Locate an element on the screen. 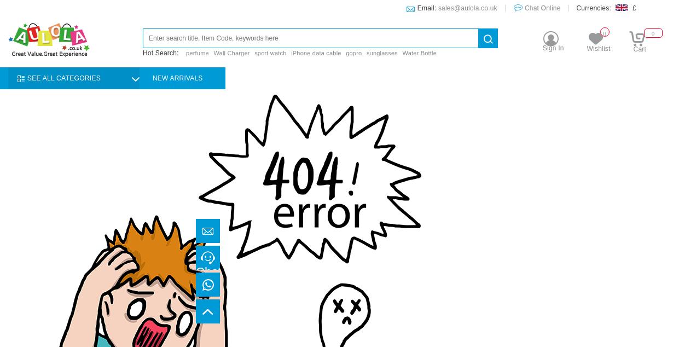 The height and width of the screenshot is (347, 673). 'Chat Online' is located at coordinates (542, 8).